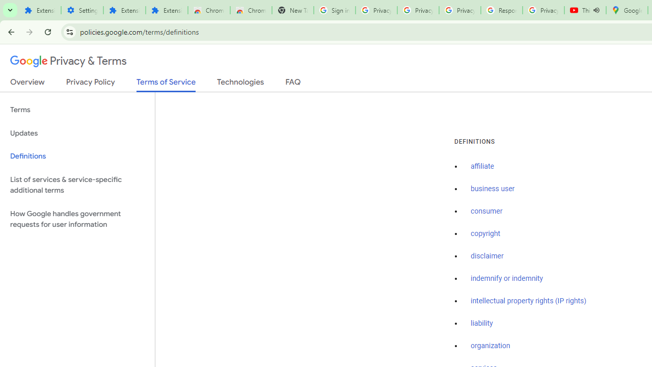 This screenshot has height=367, width=652. I want to click on 'Technologies', so click(240, 84).